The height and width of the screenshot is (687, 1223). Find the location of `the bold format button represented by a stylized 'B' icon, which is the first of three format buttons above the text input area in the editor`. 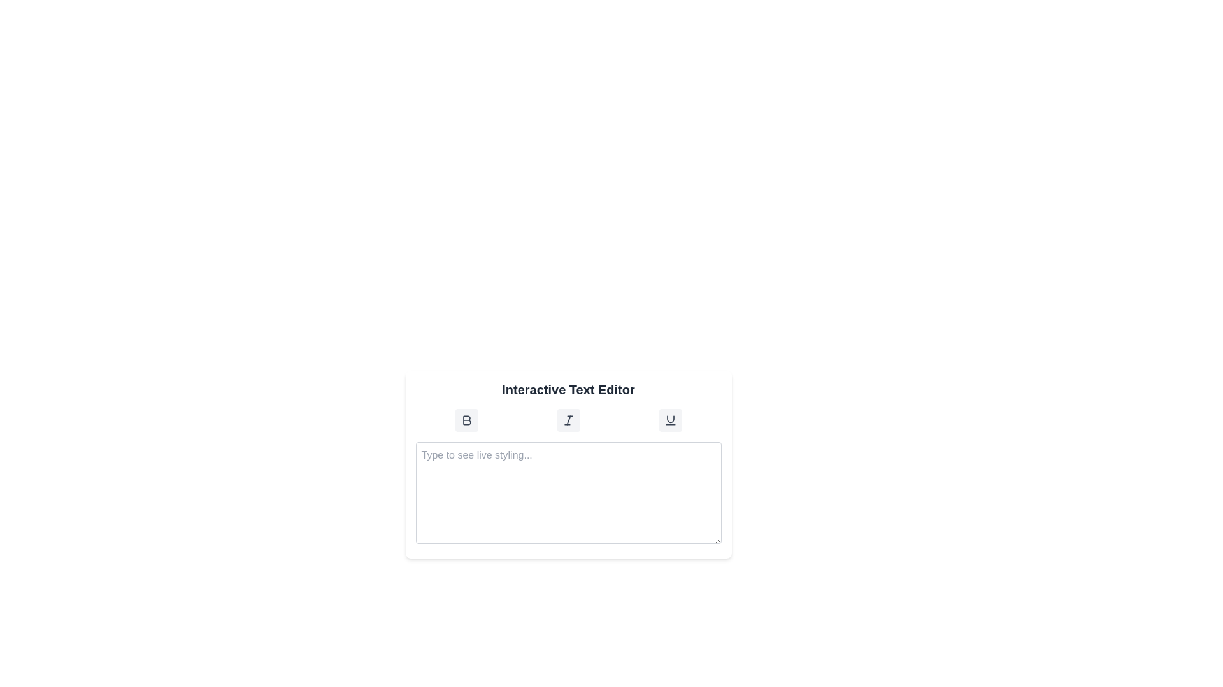

the bold format button represented by a stylized 'B' icon, which is the first of three format buttons above the text input area in the editor is located at coordinates (466, 420).